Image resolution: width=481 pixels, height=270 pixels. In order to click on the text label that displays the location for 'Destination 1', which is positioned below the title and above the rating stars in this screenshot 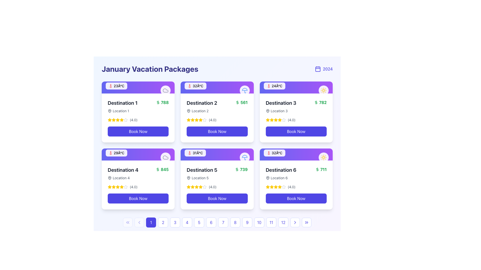, I will do `click(123, 110)`.